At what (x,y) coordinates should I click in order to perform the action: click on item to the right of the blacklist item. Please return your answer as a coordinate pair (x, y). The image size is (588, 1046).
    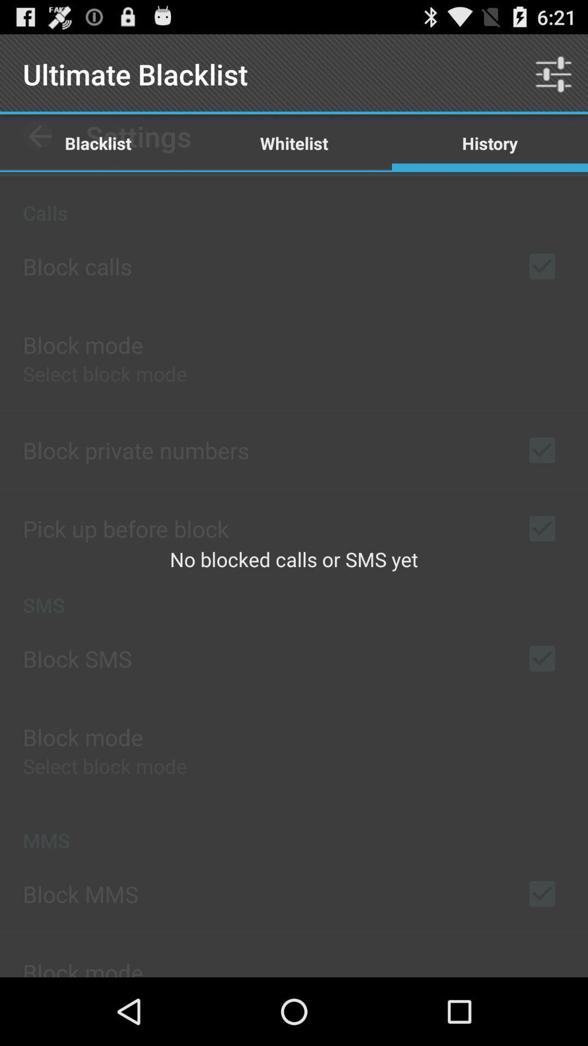
    Looking at the image, I should click on (294, 142).